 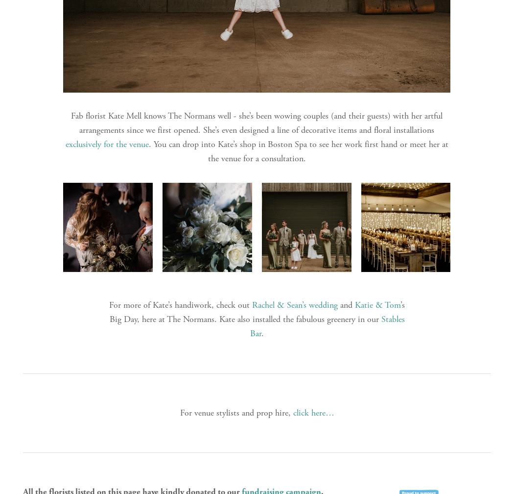 I want to click on 'click here…', so click(x=292, y=412).